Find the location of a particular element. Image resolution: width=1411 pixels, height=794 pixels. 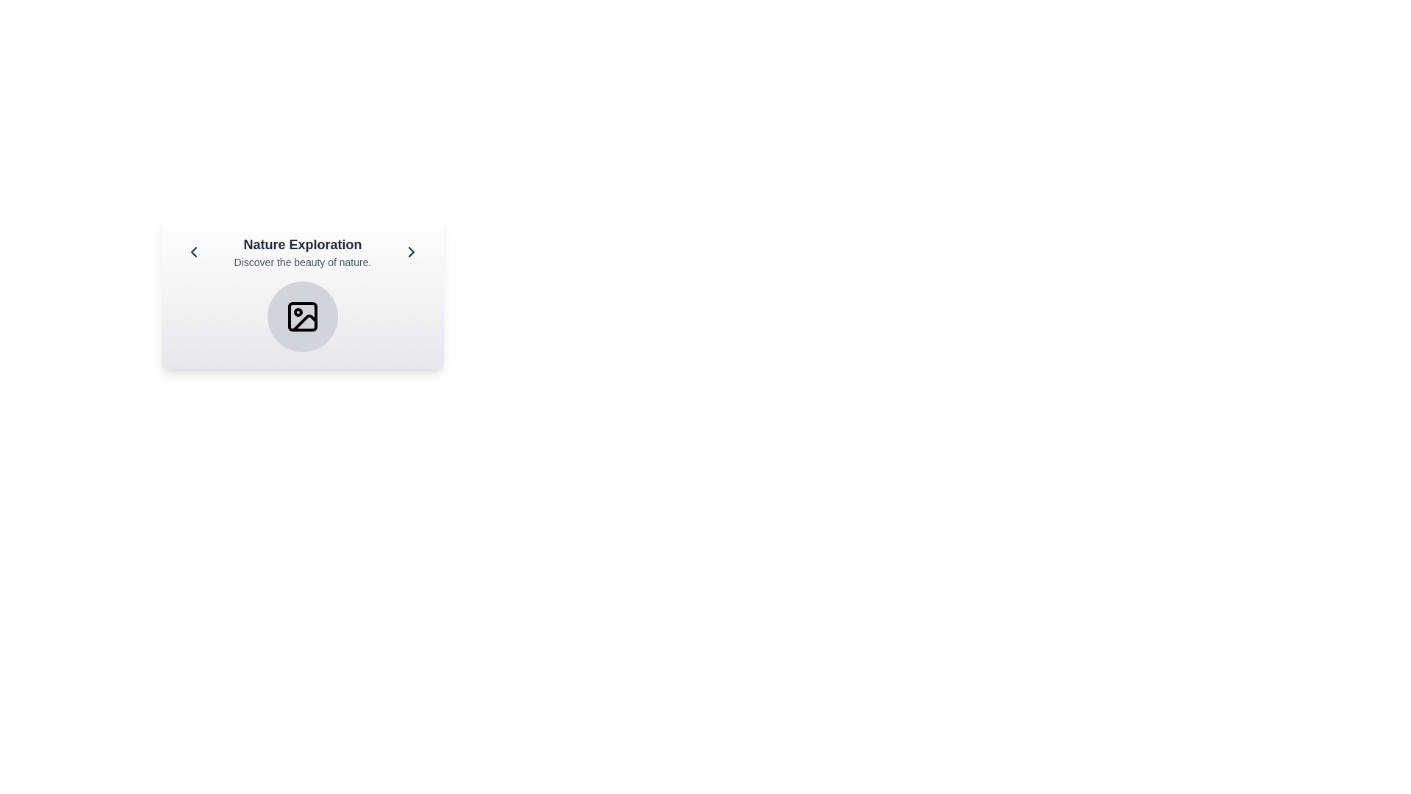

the nature exploration icon, which is a decorative photo/image icon centered inside a gray circular area beneath the 'Nature Exploration' title and description text is located at coordinates (302, 316).